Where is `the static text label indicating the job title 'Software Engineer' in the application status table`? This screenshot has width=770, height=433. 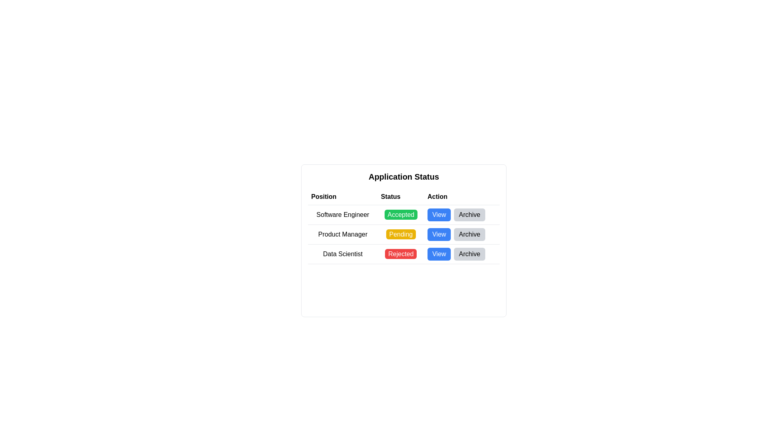
the static text label indicating the job title 'Software Engineer' in the application status table is located at coordinates (342, 214).